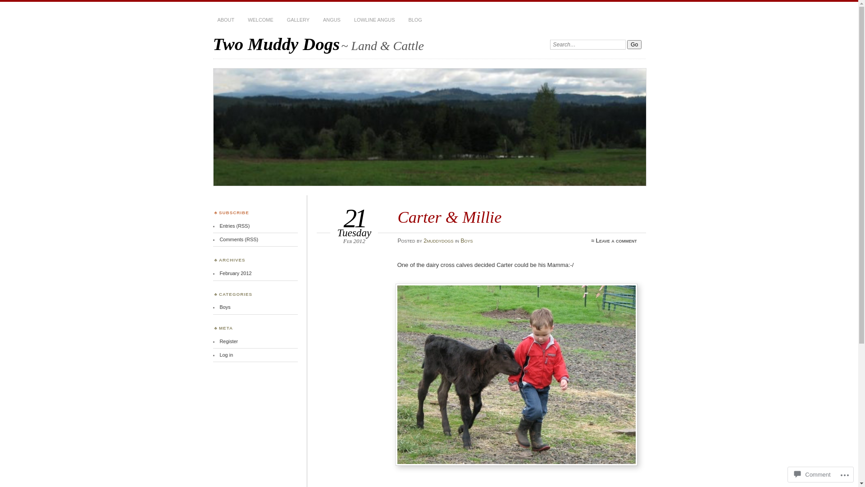 This screenshot has width=865, height=487. Describe the element at coordinates (374, 20) in the screenshot. I see `'LOWLINE ANGUS'` at that location.